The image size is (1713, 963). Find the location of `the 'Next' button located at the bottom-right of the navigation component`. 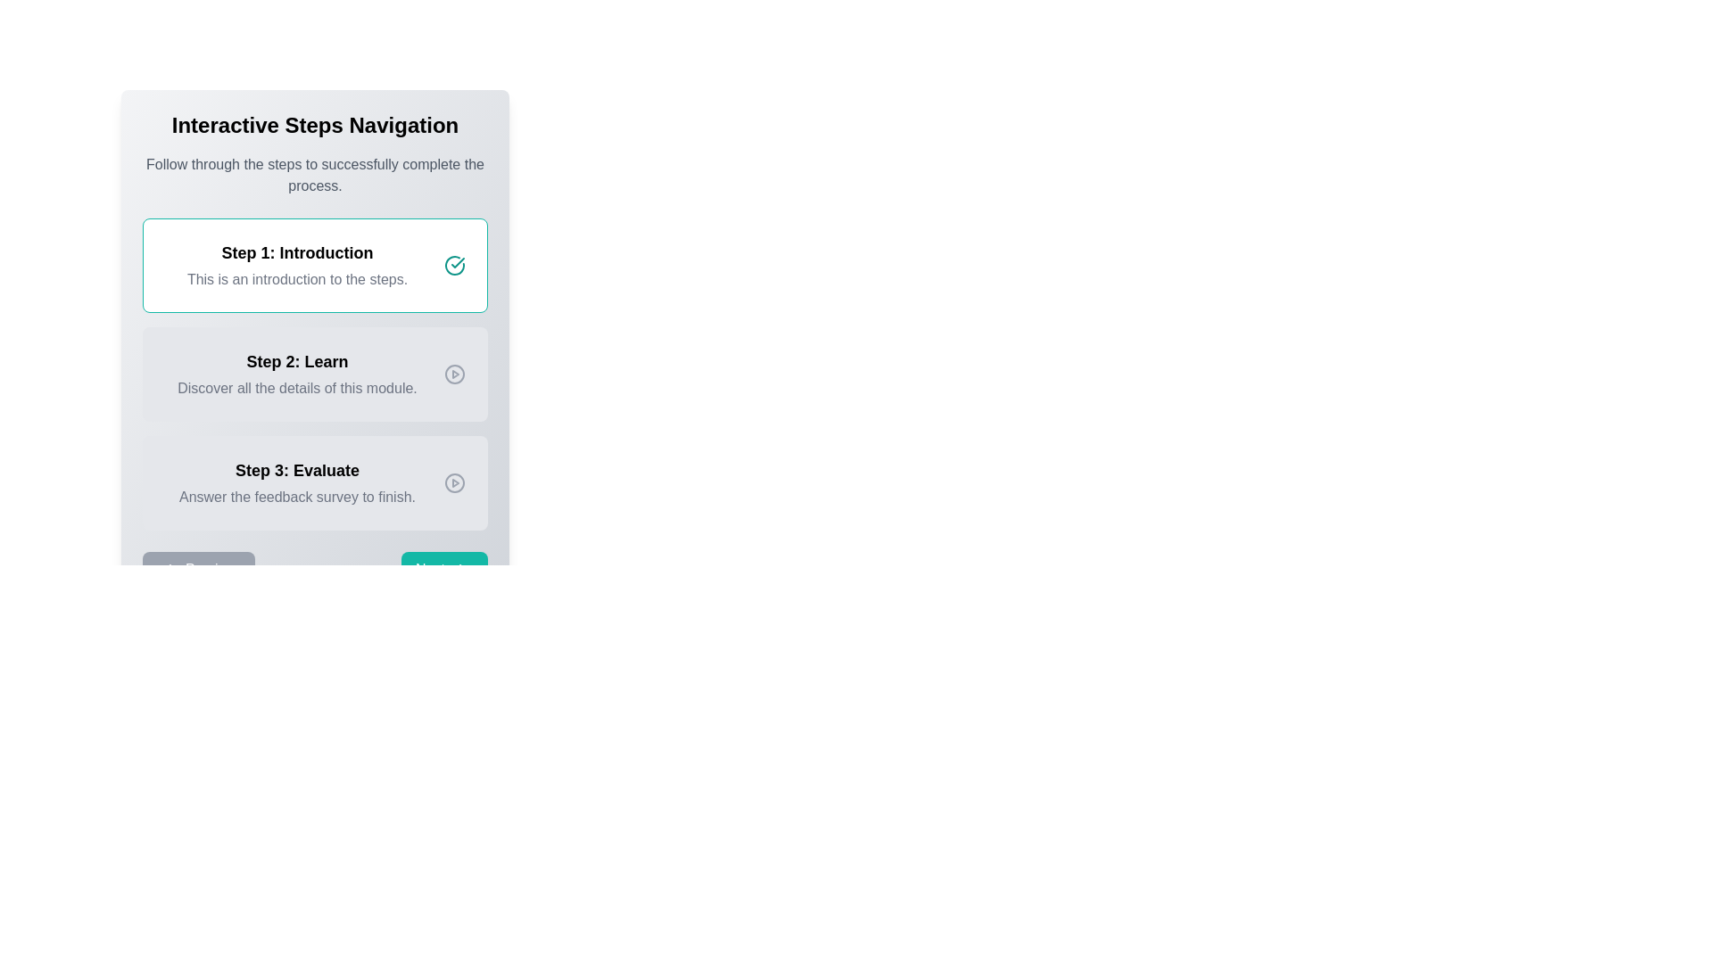

the 'Next' button located at the bottom-right of the navigation component is located at coordinates (444, 570).